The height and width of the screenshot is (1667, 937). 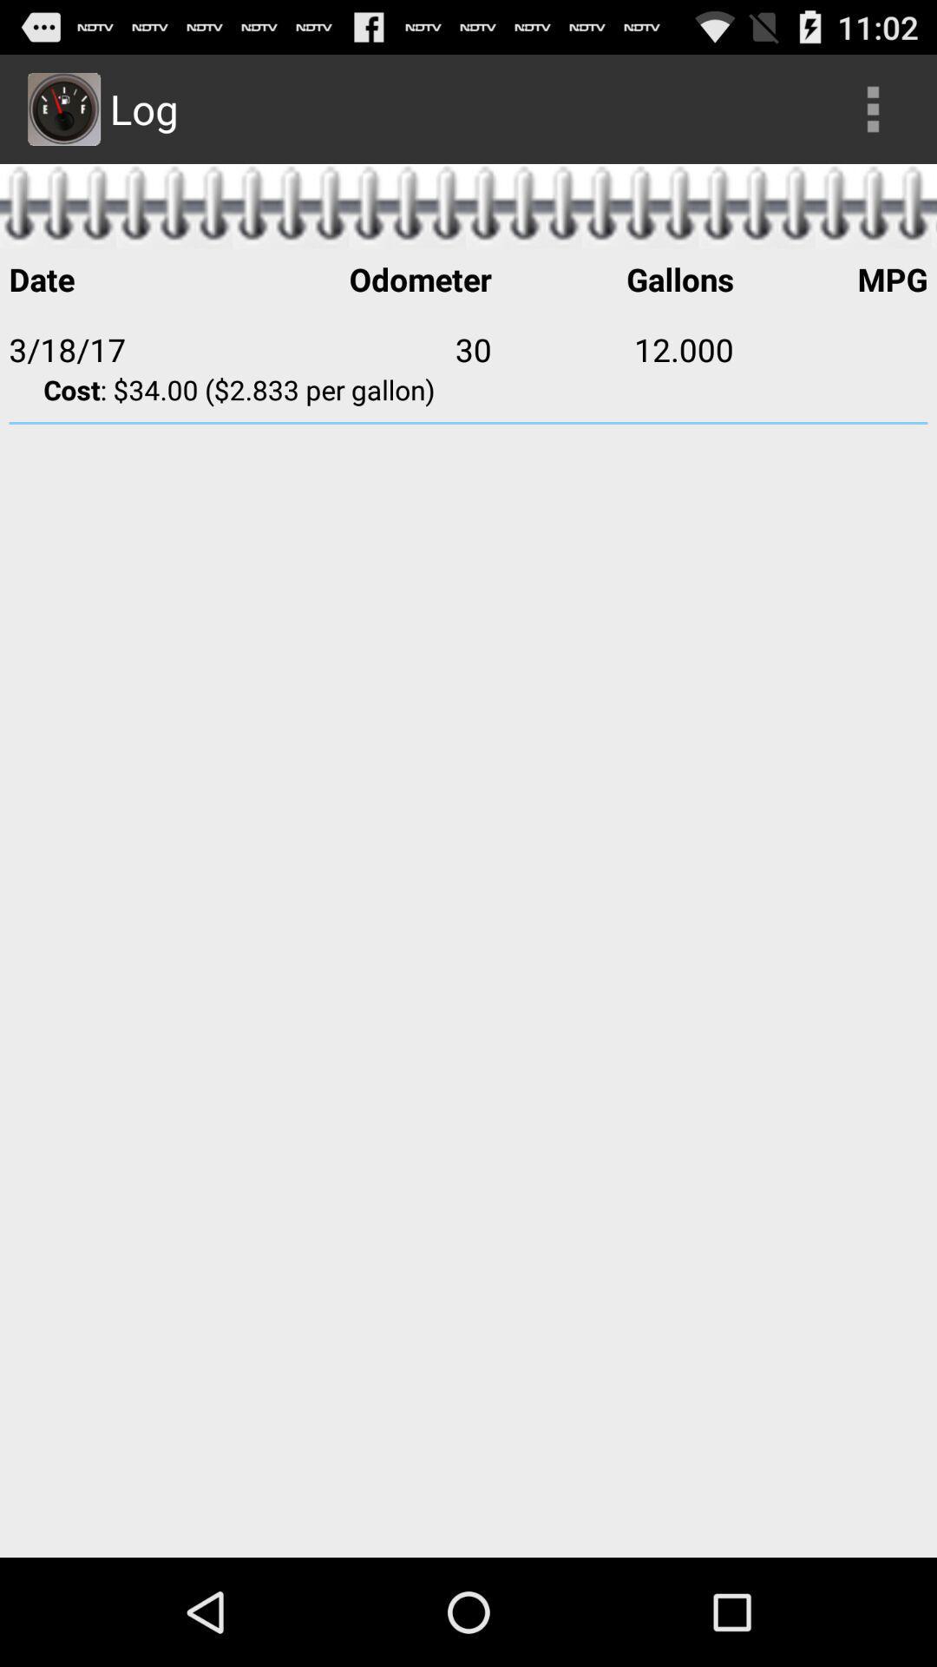 I want to click on app next to 30 app, so click(x=128, y=348).